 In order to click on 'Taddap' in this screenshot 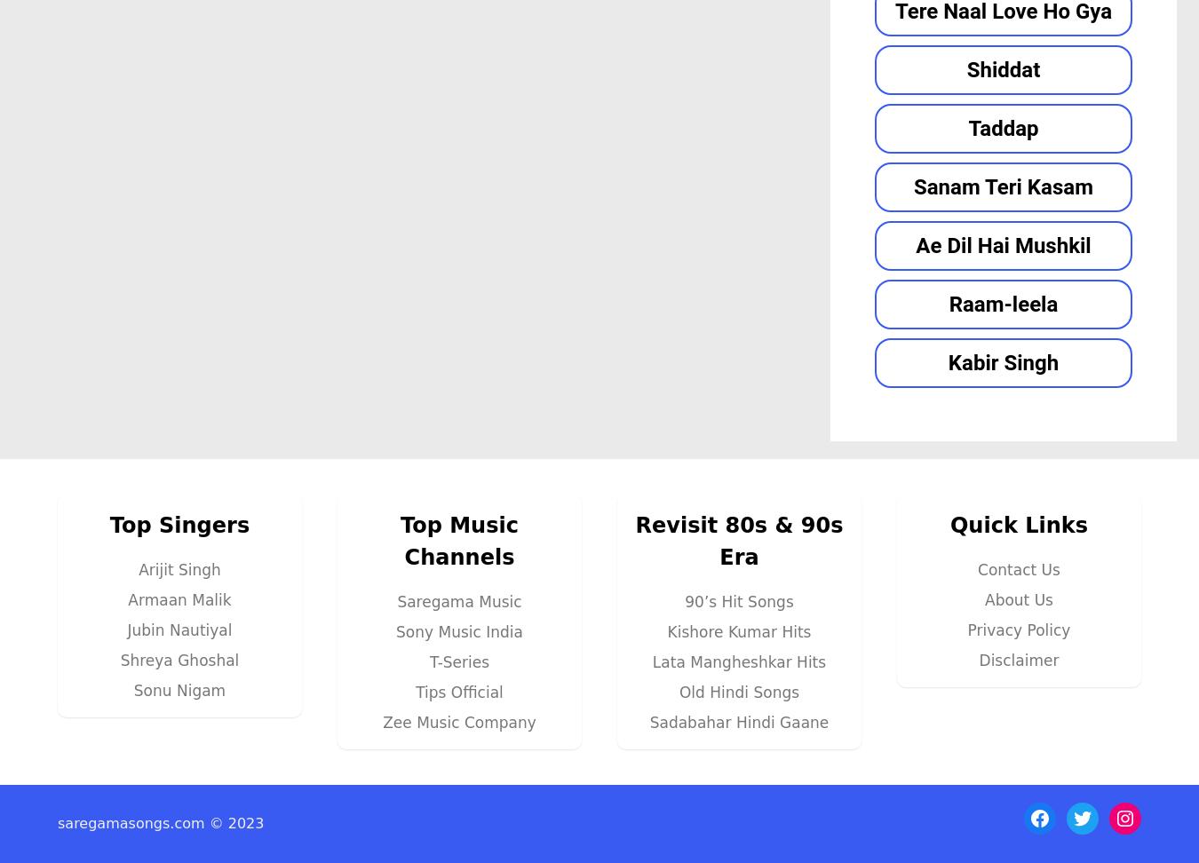, I will do `click(1002, 127)`.